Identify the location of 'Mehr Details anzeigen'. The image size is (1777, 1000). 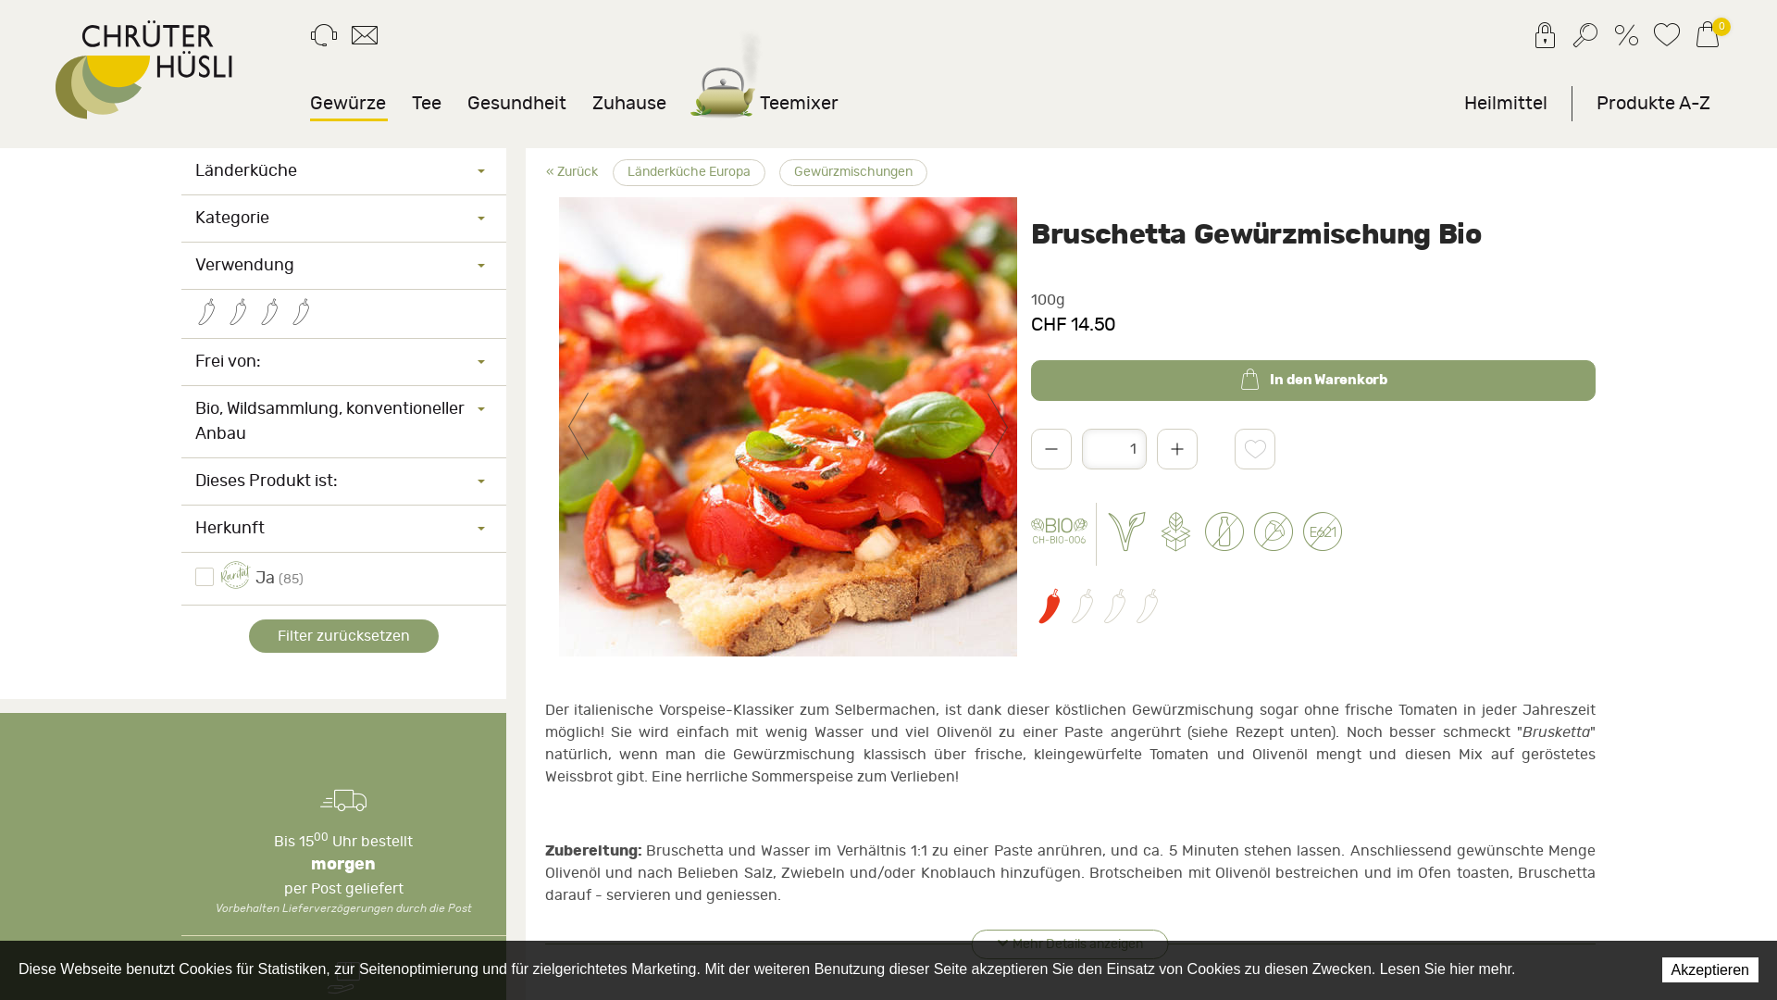
(971, 944).